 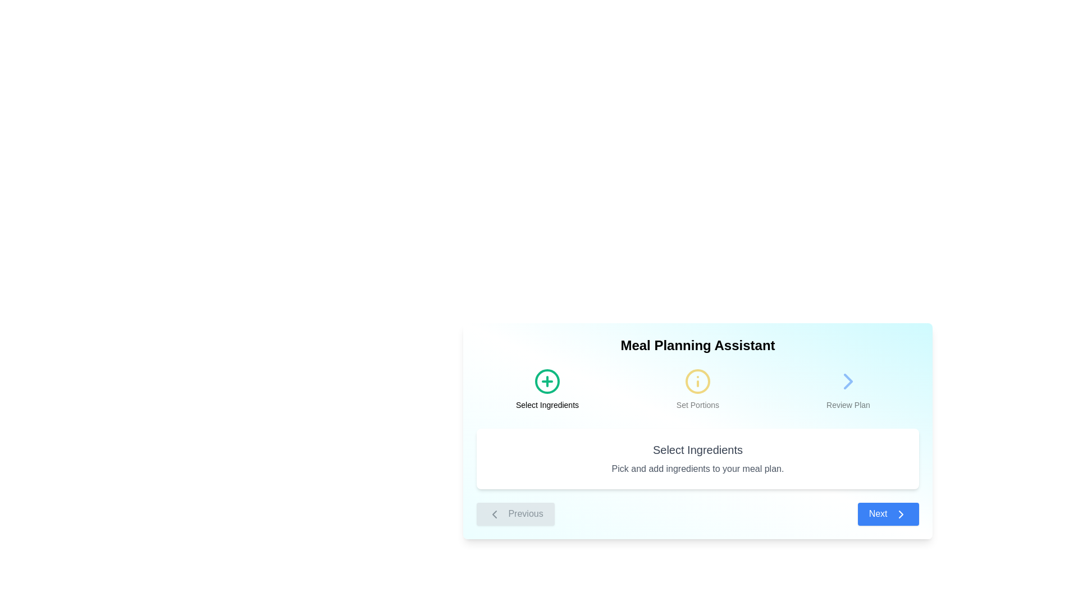 I want to click on the circular information icon with a yellow border and 'i' in the center, located above the 'Set Portions' label, so click(x=697, y=380).